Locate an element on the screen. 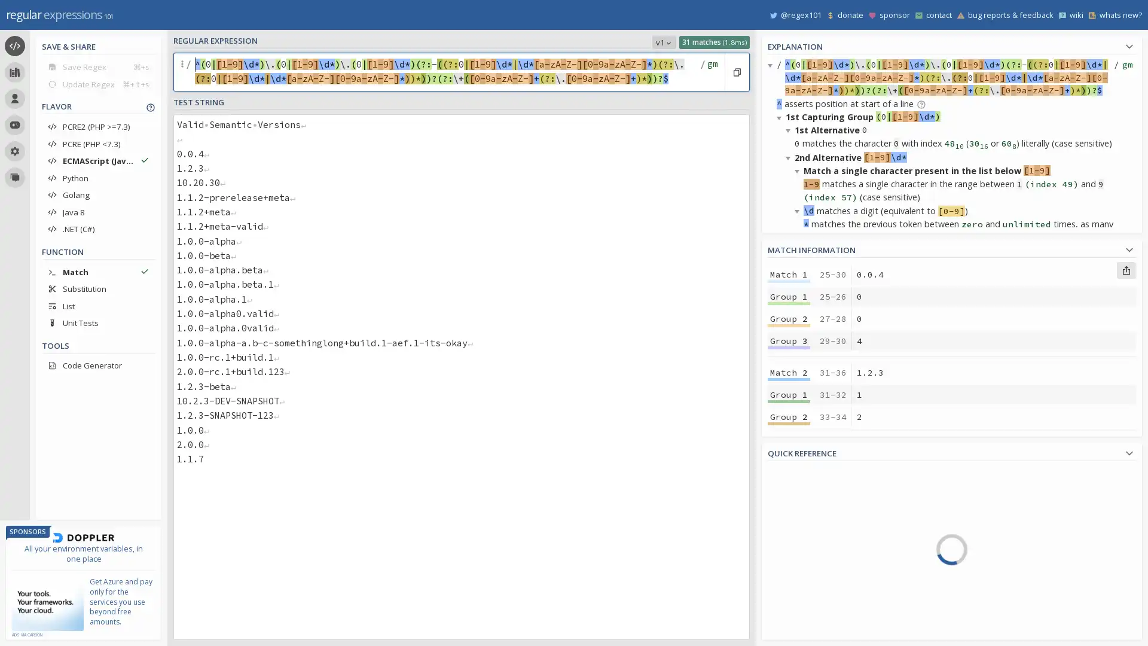 This screenshot has width=1148, height=646. A character in the range: a-z or A-Z [a-zA-Z] is located at coordinates (1011, 542).